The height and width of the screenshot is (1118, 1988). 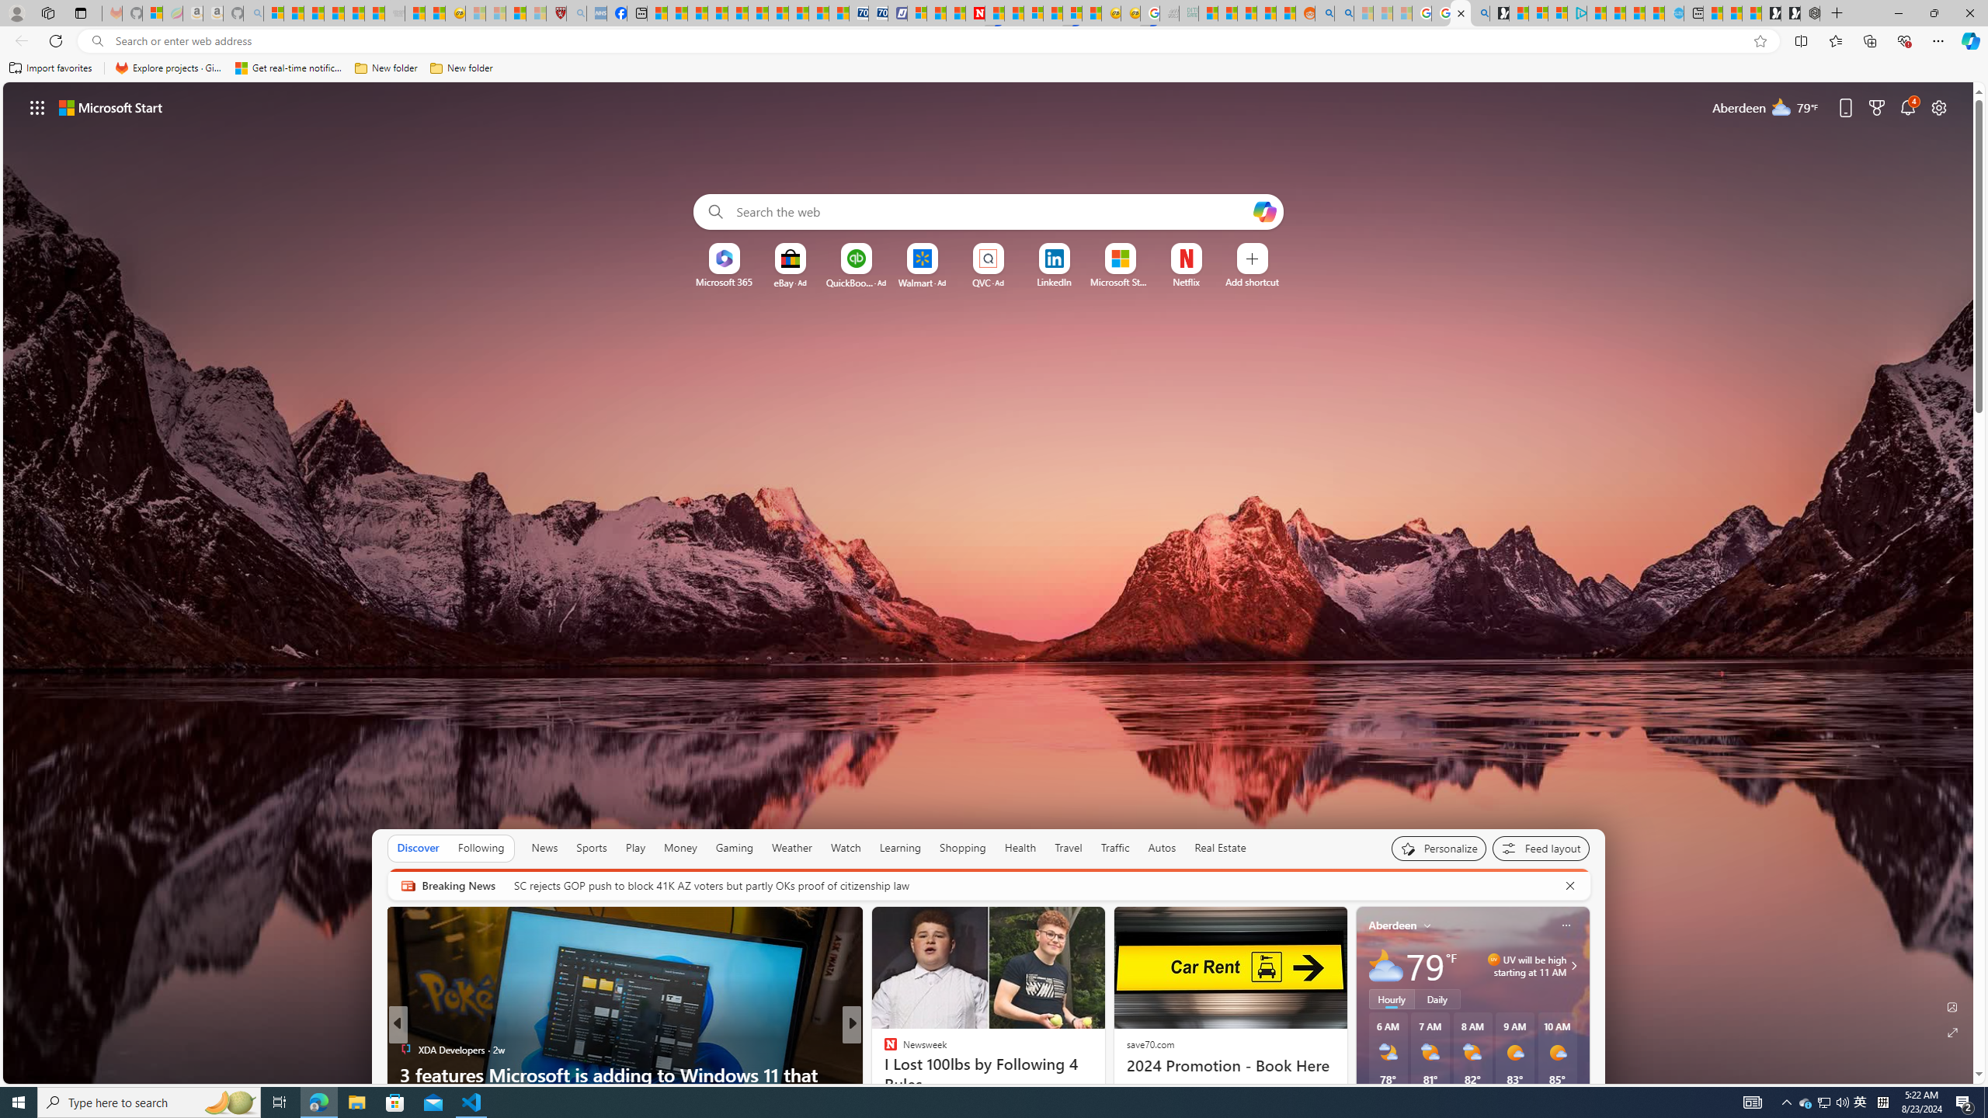 I want to click on 'save70.com', so click(x=1149, y=1043).